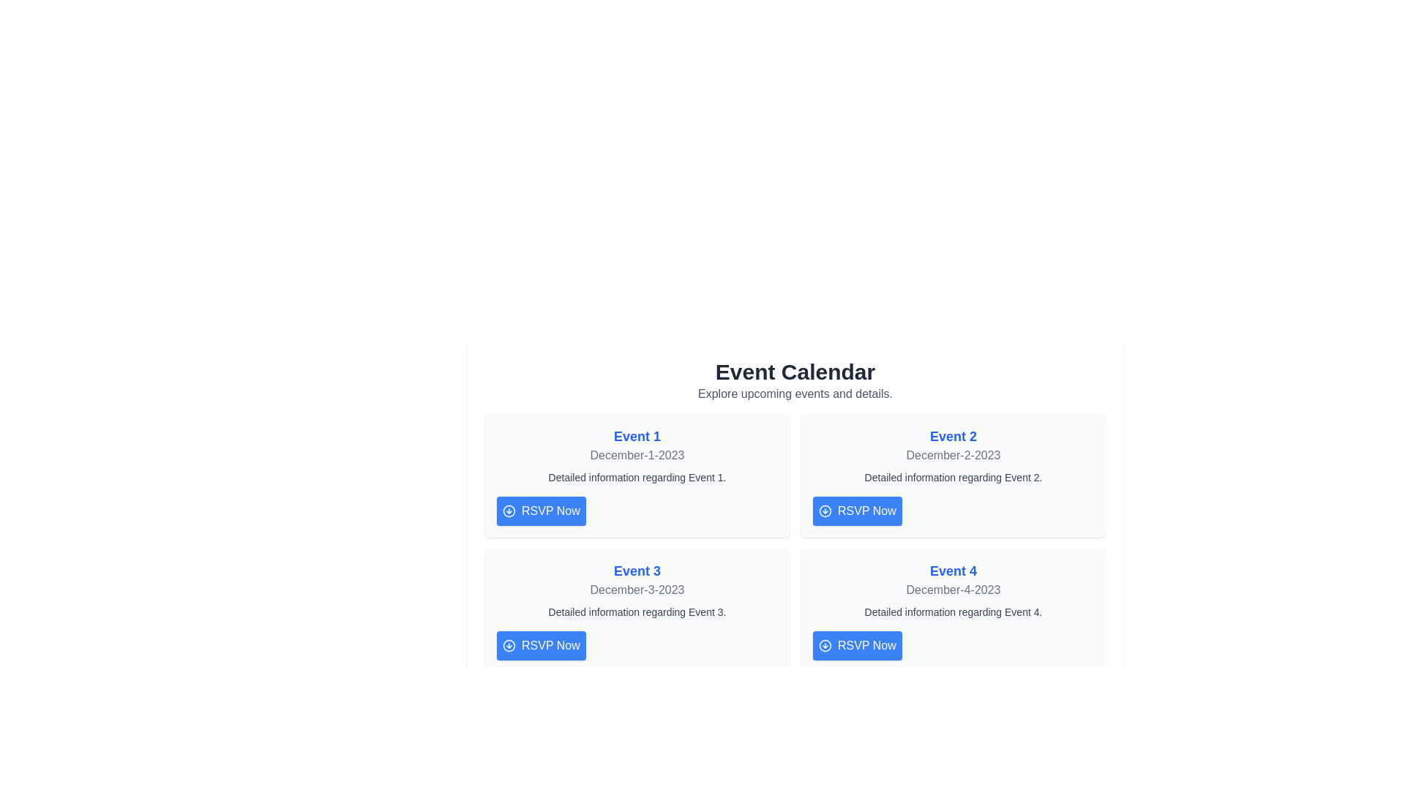  Describe the element at coordinates (953, 612) in the screenshot. I see `informational text about 'Event 4', which is located below the title and date, and above the RSVP button` at that location.